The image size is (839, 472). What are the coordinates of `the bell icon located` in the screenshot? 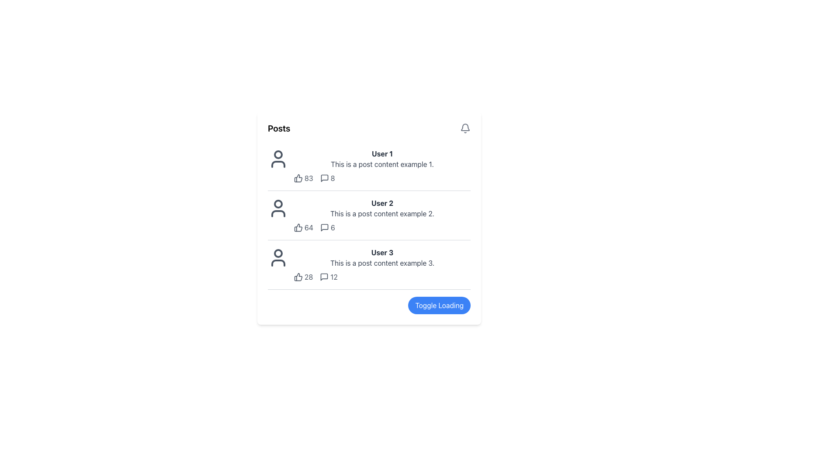 It's located at (465, 128).